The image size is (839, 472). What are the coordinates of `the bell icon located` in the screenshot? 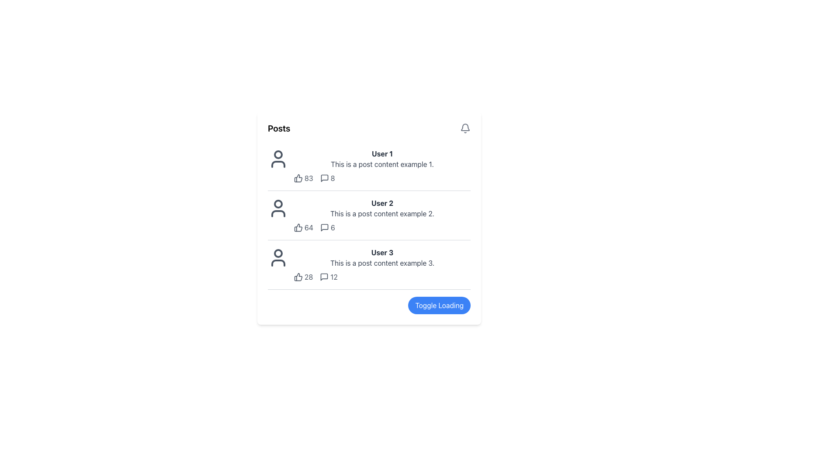 It's located at (465, 128).